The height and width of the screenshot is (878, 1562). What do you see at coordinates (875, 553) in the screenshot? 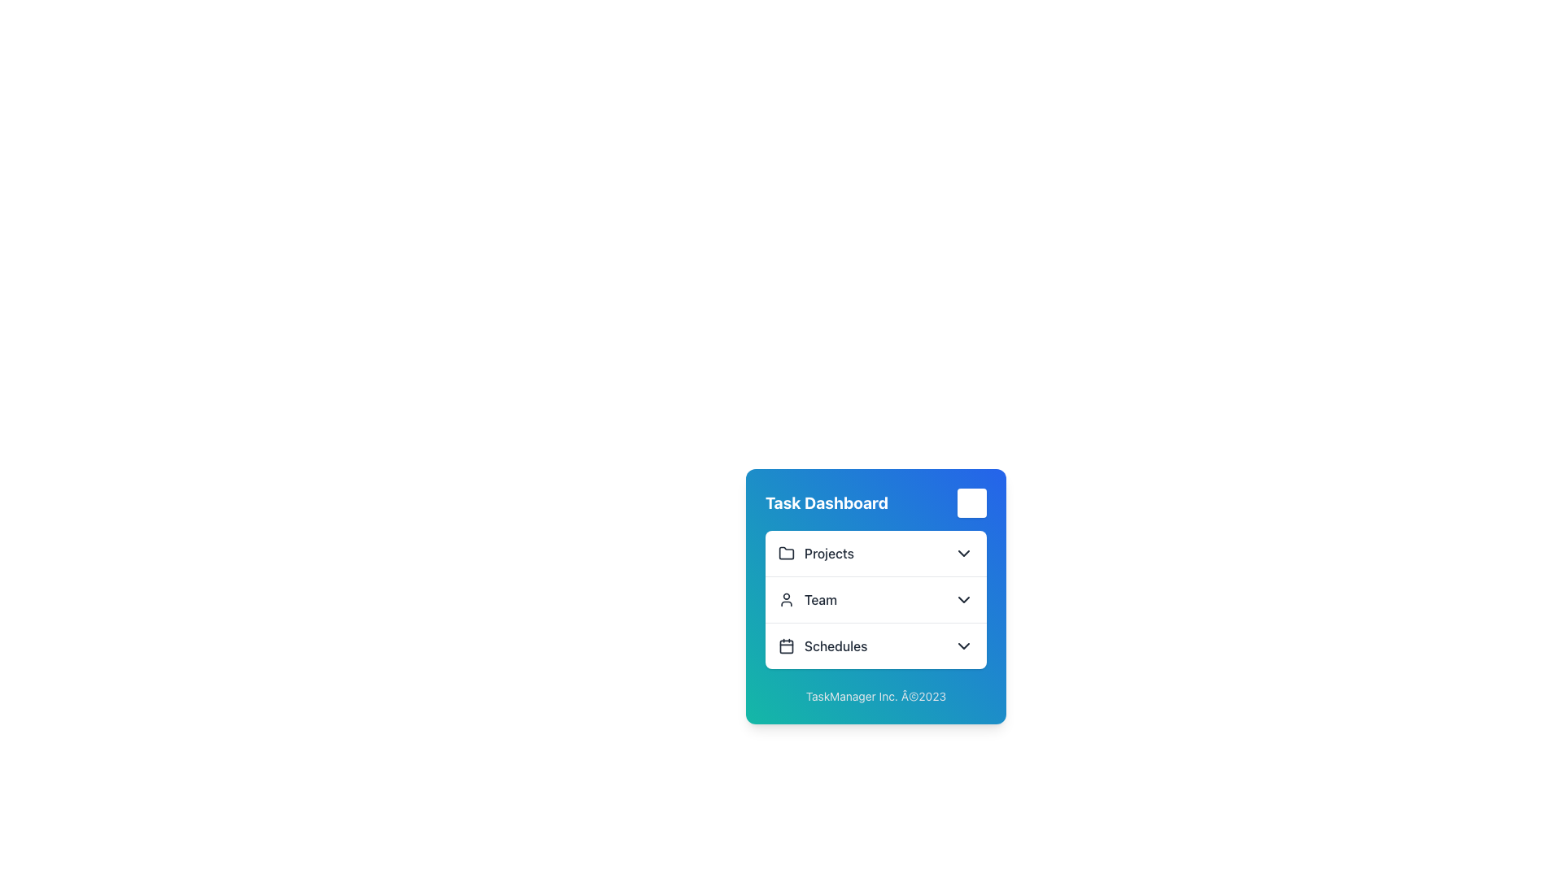
I see `the dropdown arrow of the first list item in the 'Task Dashboard'` at bounding box center [875, 553].